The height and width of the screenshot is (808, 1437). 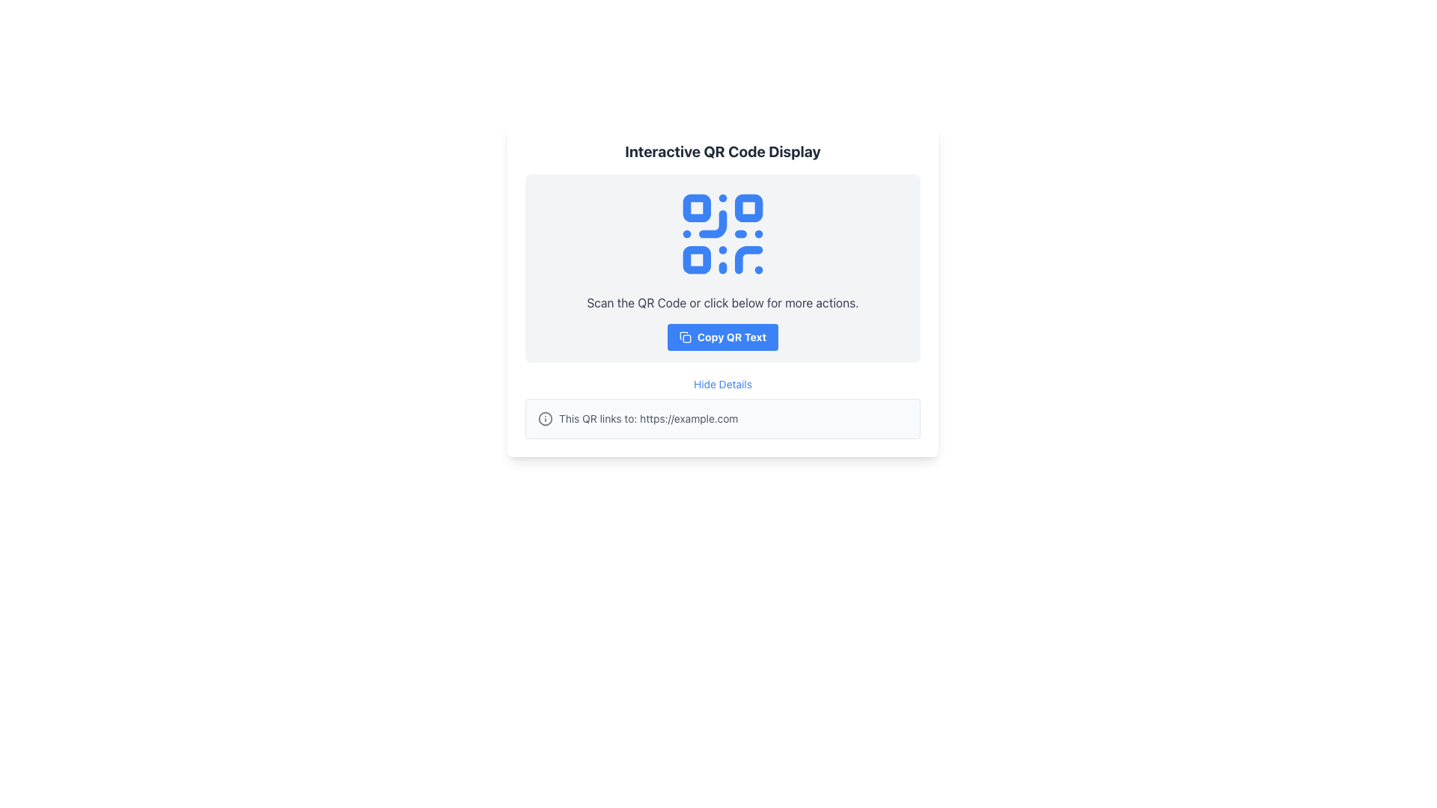 I want to click on the text element that contains the phrase 'Scan the QR Code or click below for more actions.' which is located centrally below a QR code icon and above the 'Copy QR Text' button, so click(x=722, y=303).